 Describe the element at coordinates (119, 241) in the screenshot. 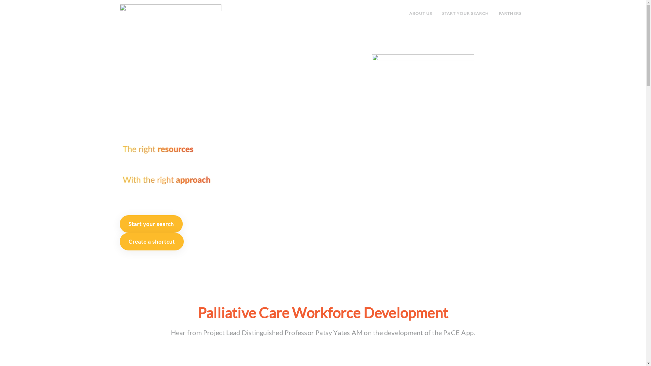

I see `'Create a shortcut'` at that location.